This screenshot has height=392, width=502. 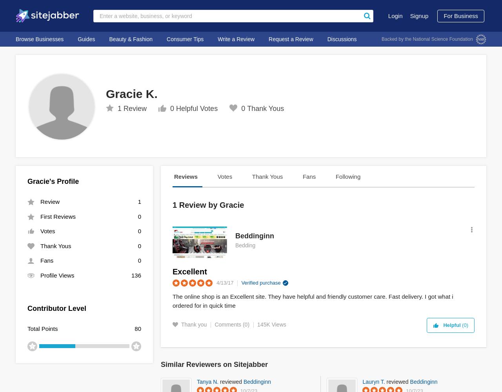 I want to click on 'Similar Reviewers on Sitejabber', so click(x=214, y=365).